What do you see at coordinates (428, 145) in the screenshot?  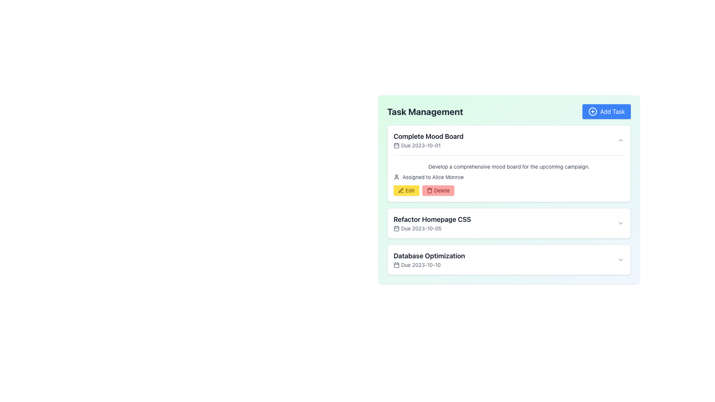 I see `the label containing the text 'Due 2023-10-01' with a calendar icon, located under the 'Complete Mood Board' header` at bounding box center [428, 145].